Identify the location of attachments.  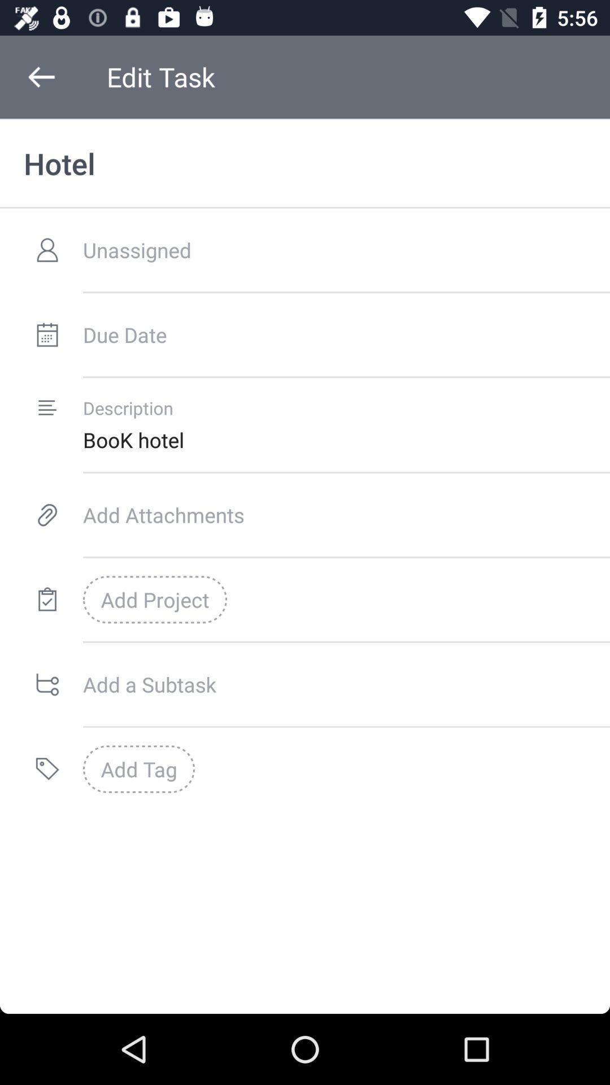
(346, 514).